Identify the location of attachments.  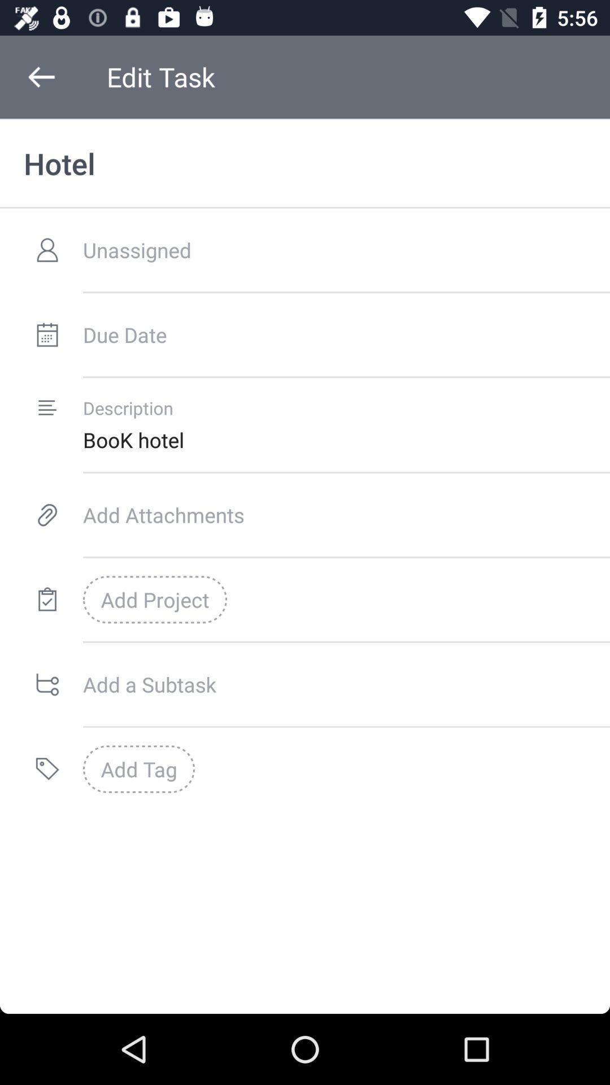
(346, 514).